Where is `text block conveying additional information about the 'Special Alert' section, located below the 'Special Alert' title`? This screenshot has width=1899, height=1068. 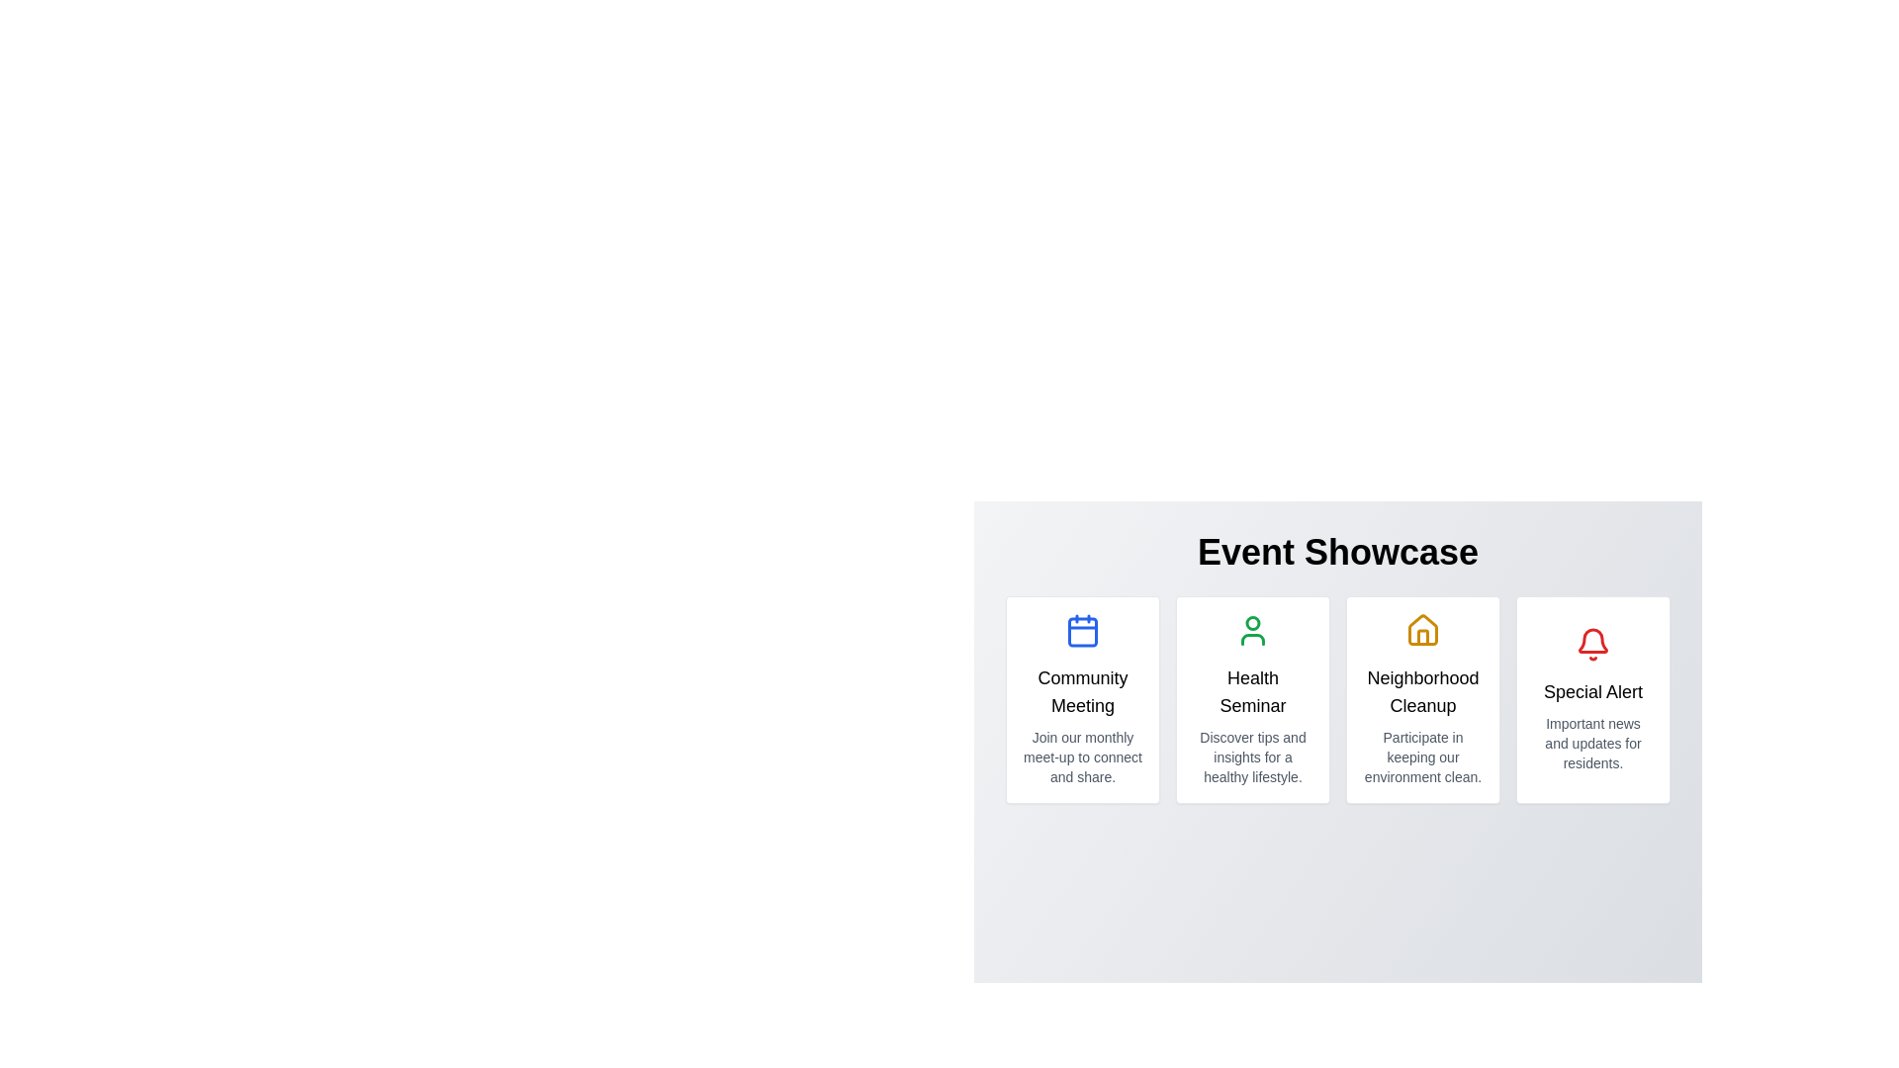
text block conveying additional information about the 'Special Alert' section, located below the 'Special Alert' title is located at coordinates (1593, 744).